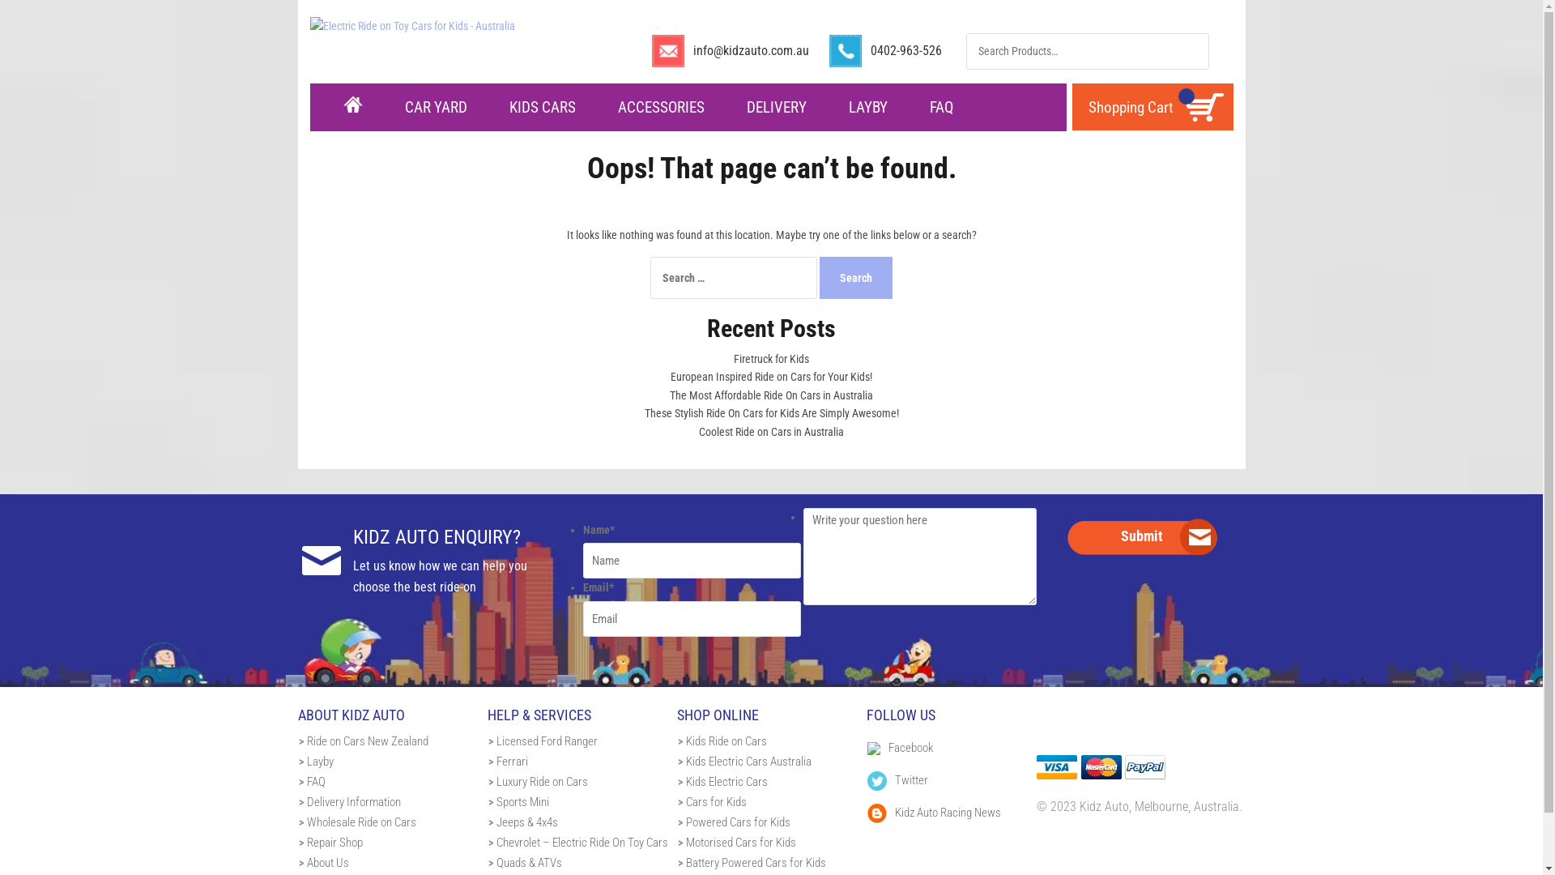 This screenshot has width=1555, height=875. Describe the element at coordinates (770, 430) in the screenshot. I see `'Coolest Ride on Cars in Australia'` at that location.